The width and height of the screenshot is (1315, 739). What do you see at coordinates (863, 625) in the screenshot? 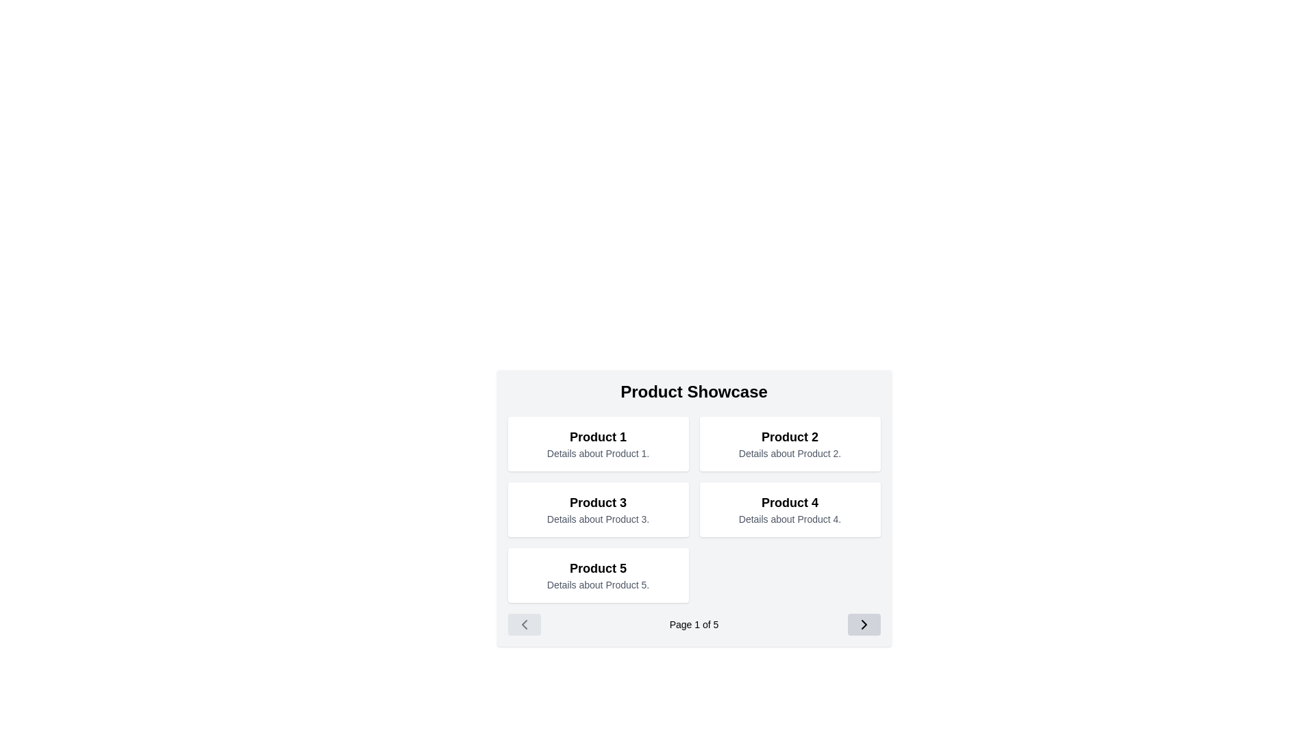
I see `the right-facing chevron arrow icon located within the rectangular button at the bottom-right of the interface` at bounding box center [863, 625].